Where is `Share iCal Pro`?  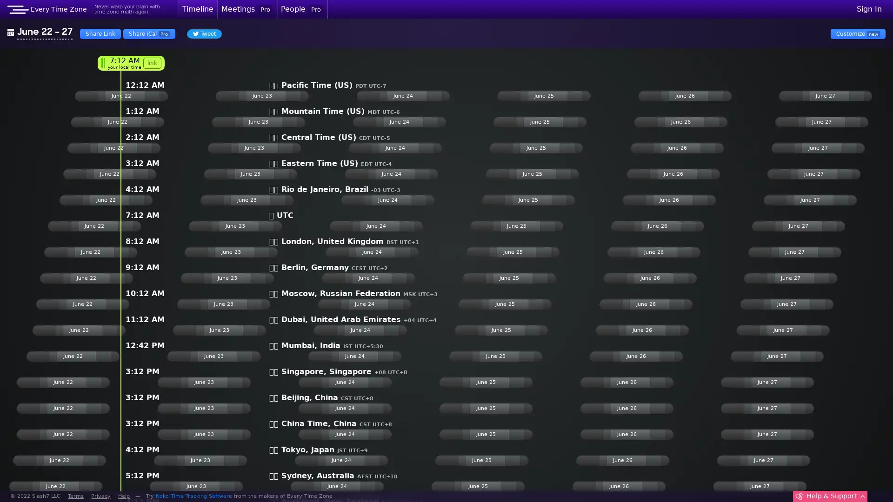
Share iCal Pro is located at coordinates (149, 33).